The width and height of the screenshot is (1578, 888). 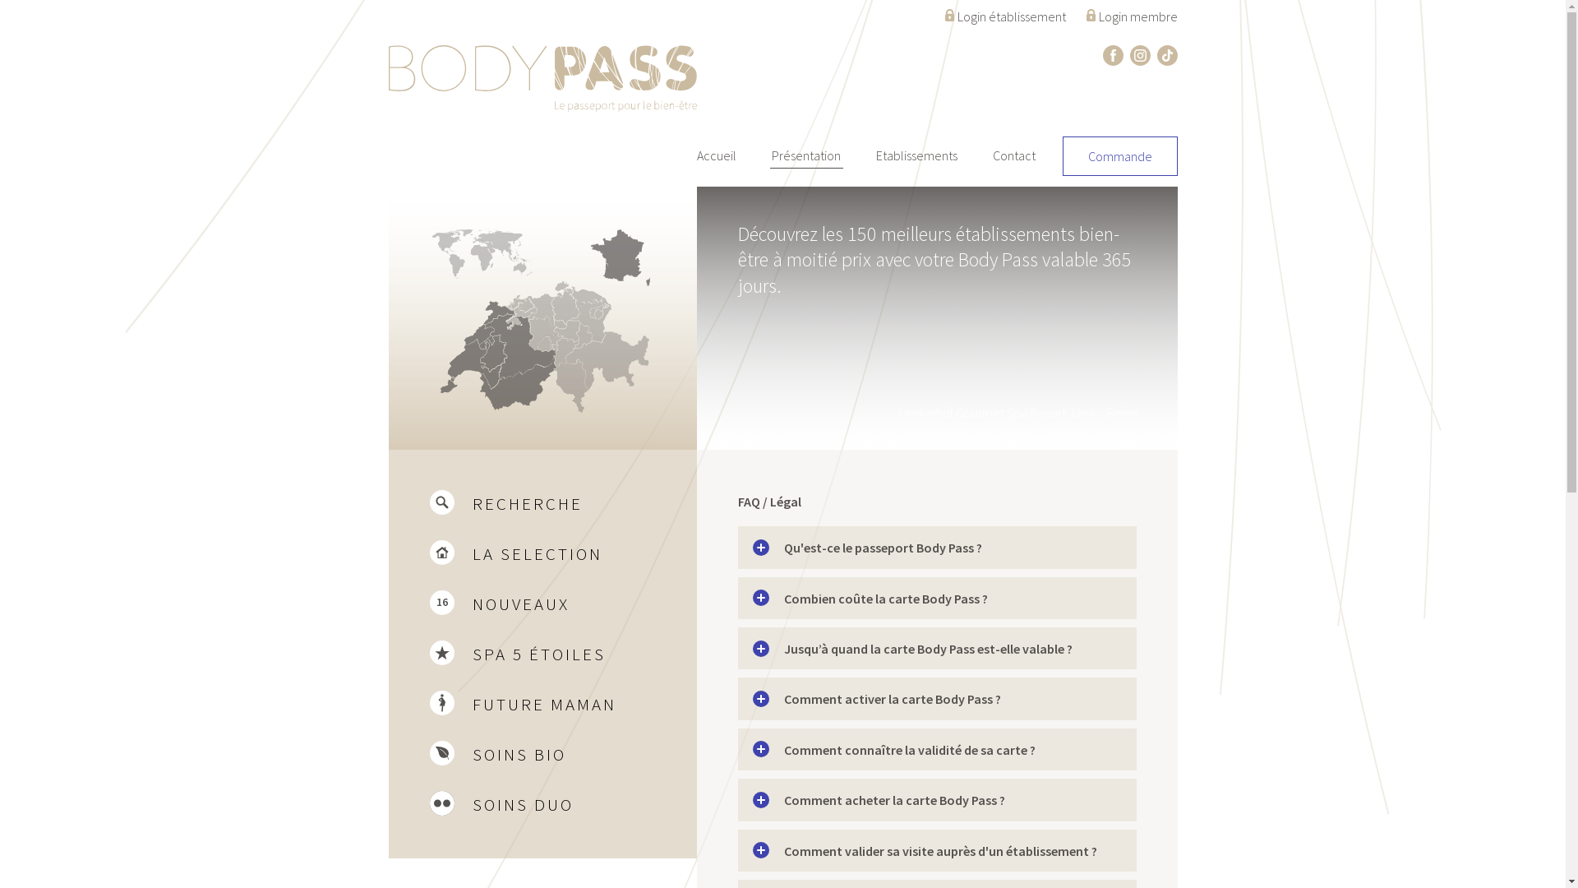 I want to click on 'Open', so click(x=760, y=849).